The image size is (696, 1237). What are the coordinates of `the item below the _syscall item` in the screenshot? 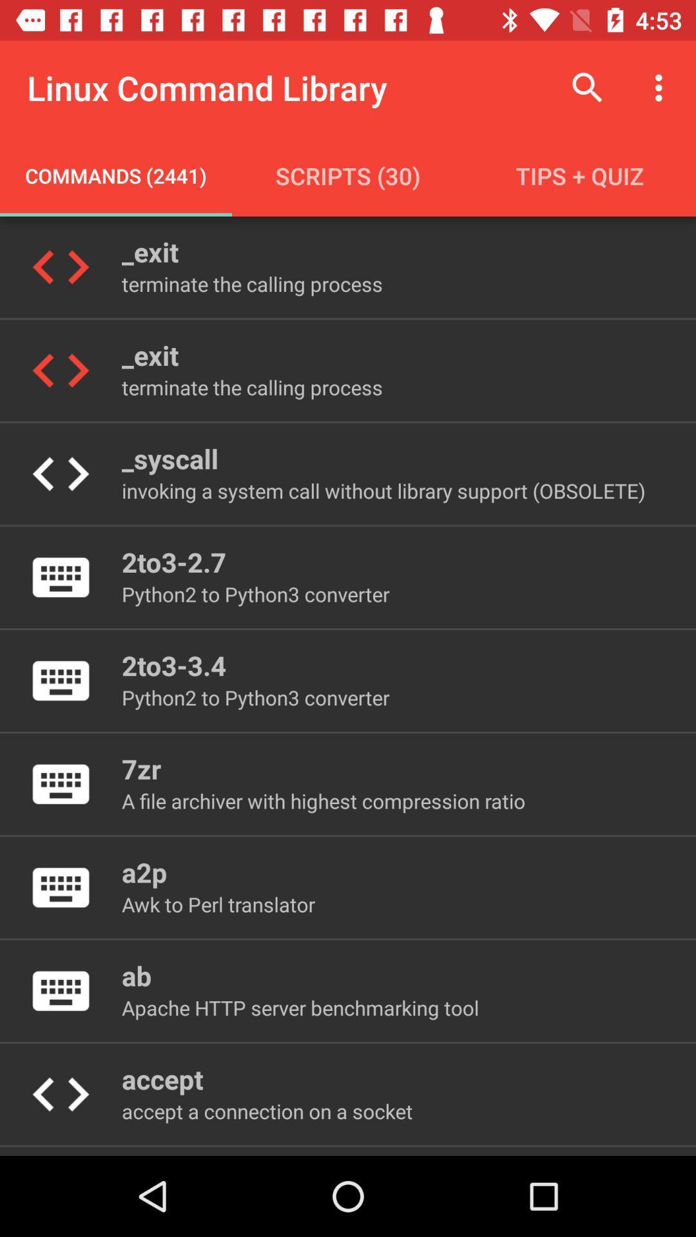 It's located at (383, 490).